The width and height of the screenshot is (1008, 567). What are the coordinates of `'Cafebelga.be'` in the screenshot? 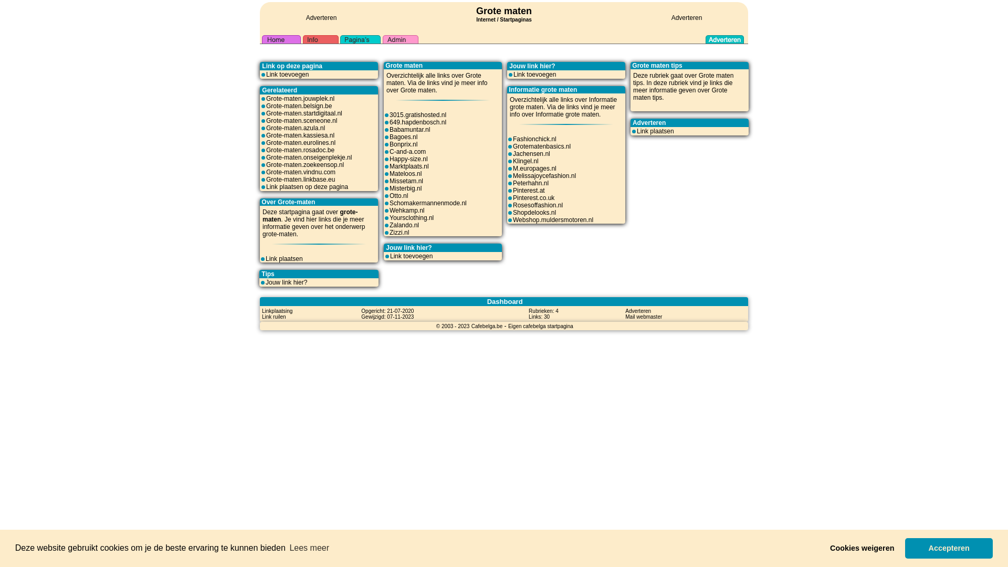 It's located at (486, 325).